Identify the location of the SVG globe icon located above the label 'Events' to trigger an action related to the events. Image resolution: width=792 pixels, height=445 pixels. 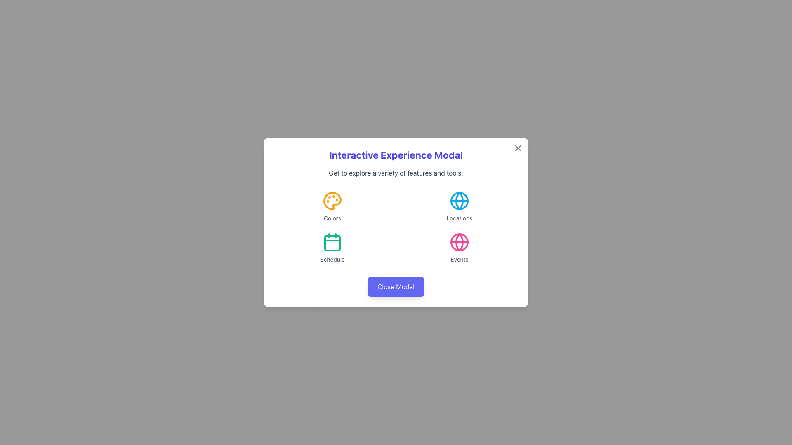
(459, 241).